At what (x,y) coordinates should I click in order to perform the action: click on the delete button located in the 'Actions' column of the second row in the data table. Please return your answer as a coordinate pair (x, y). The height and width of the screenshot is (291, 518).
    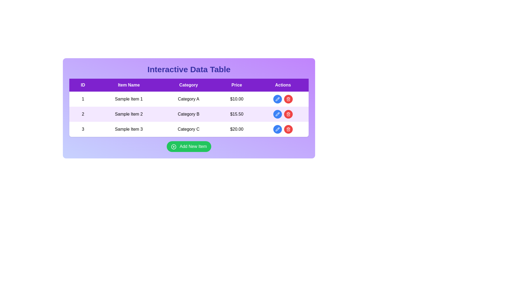
    Looking at the image, I should click on (288, 114).